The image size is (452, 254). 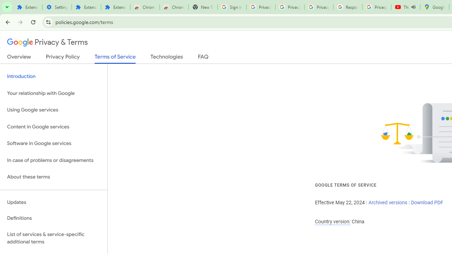 I want to click on 'About these terms', so click(x=53, y=177).